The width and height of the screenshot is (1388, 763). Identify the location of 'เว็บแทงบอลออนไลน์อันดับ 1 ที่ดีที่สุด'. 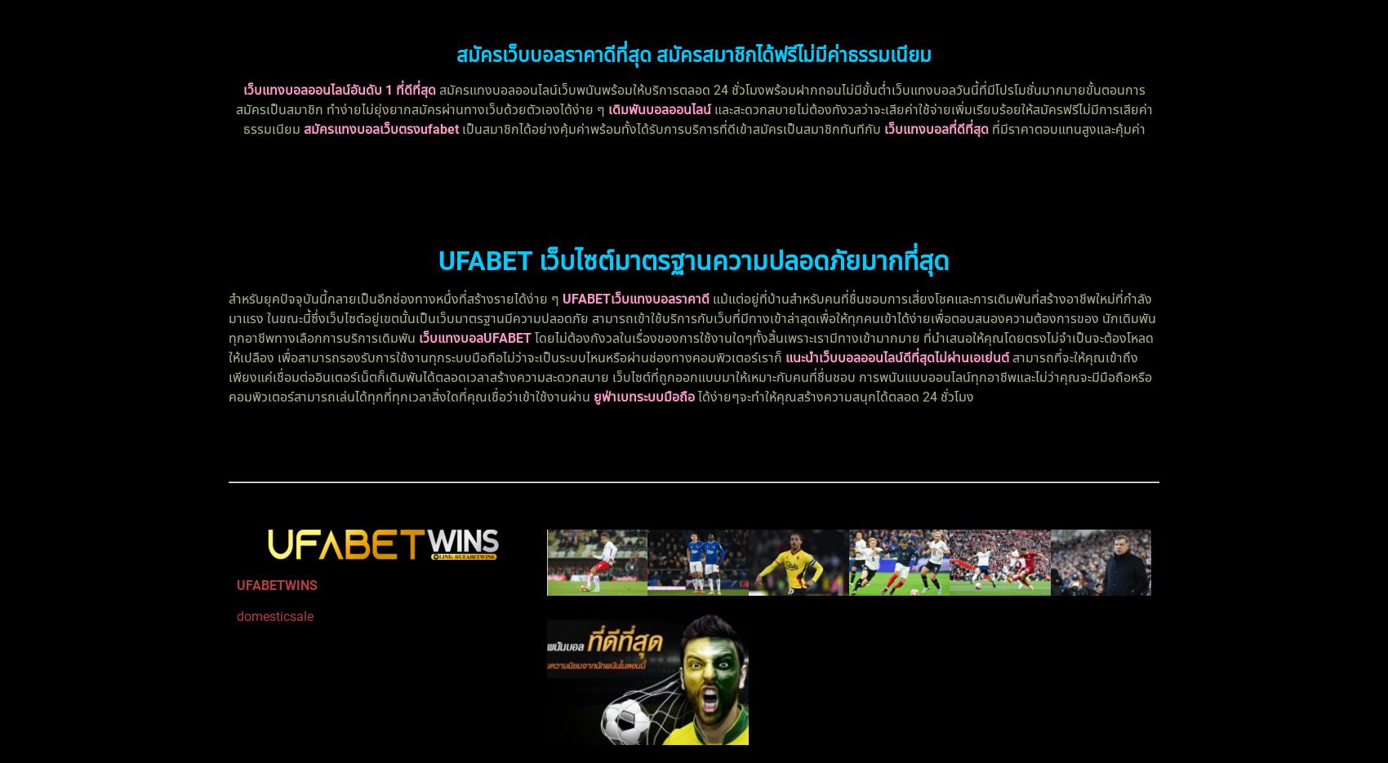
(242, 89).